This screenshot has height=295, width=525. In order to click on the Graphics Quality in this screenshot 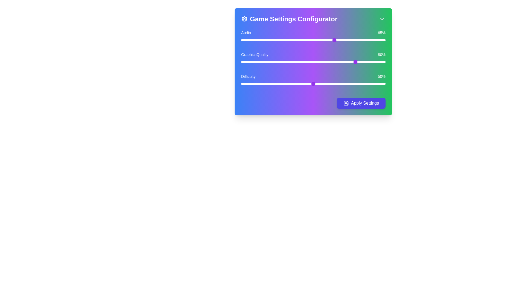, I will do `click(285, 62)`.